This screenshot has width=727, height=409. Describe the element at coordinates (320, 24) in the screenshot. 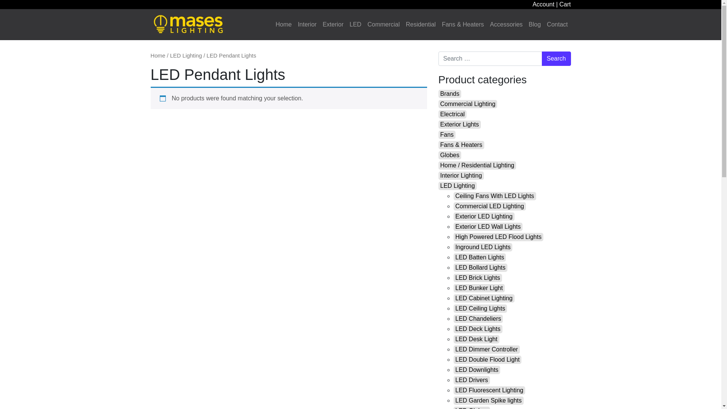

I see `'Exterior'` at that location.